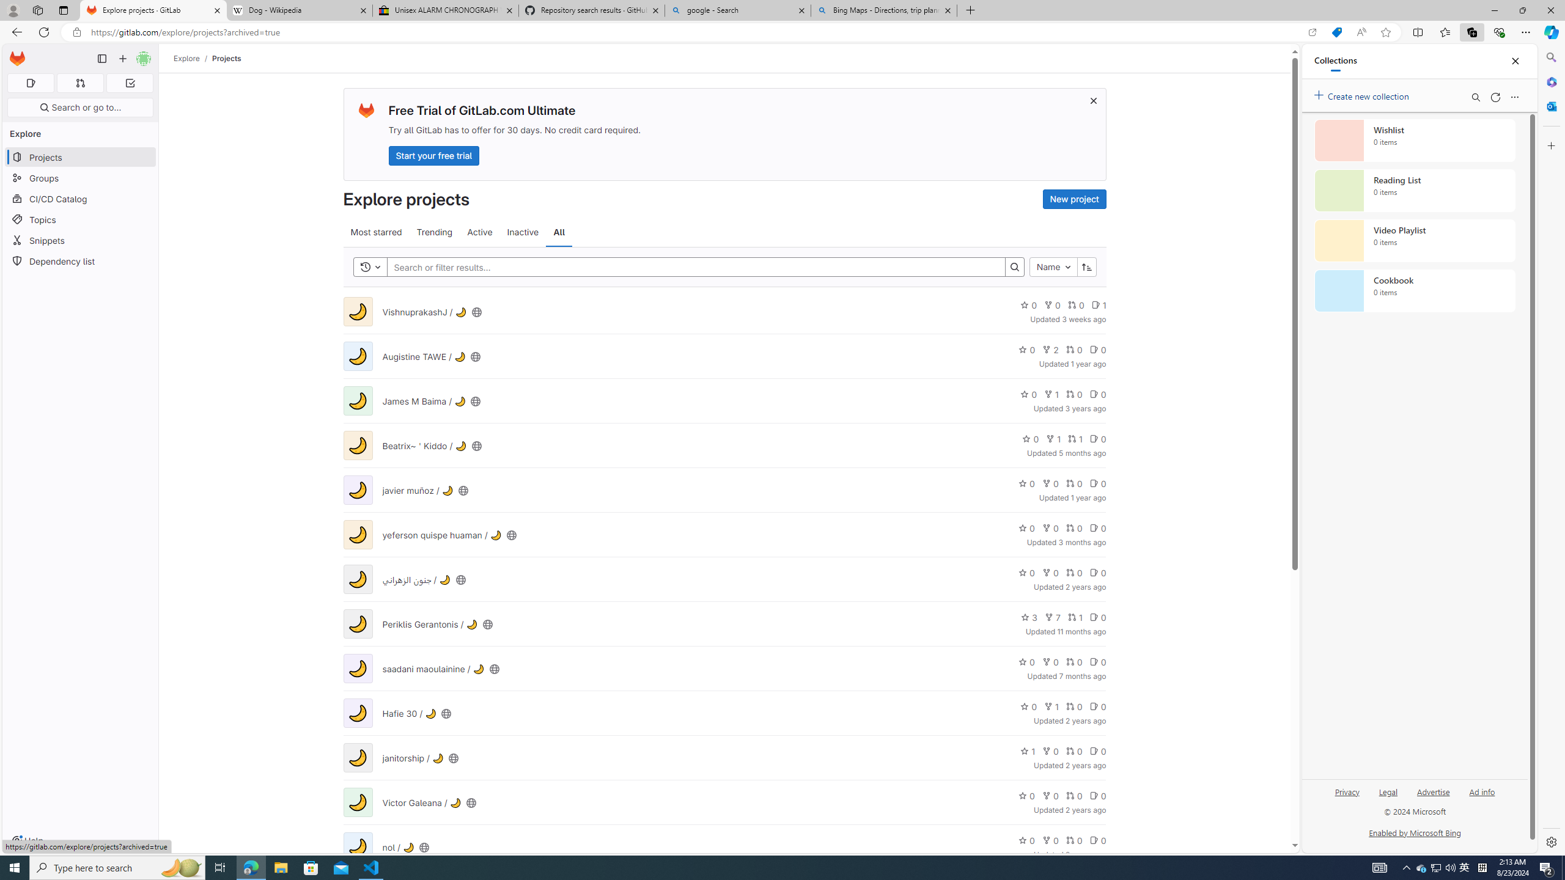 The image size is (1565, 880). I want to click on '0', so click(1097, 840).